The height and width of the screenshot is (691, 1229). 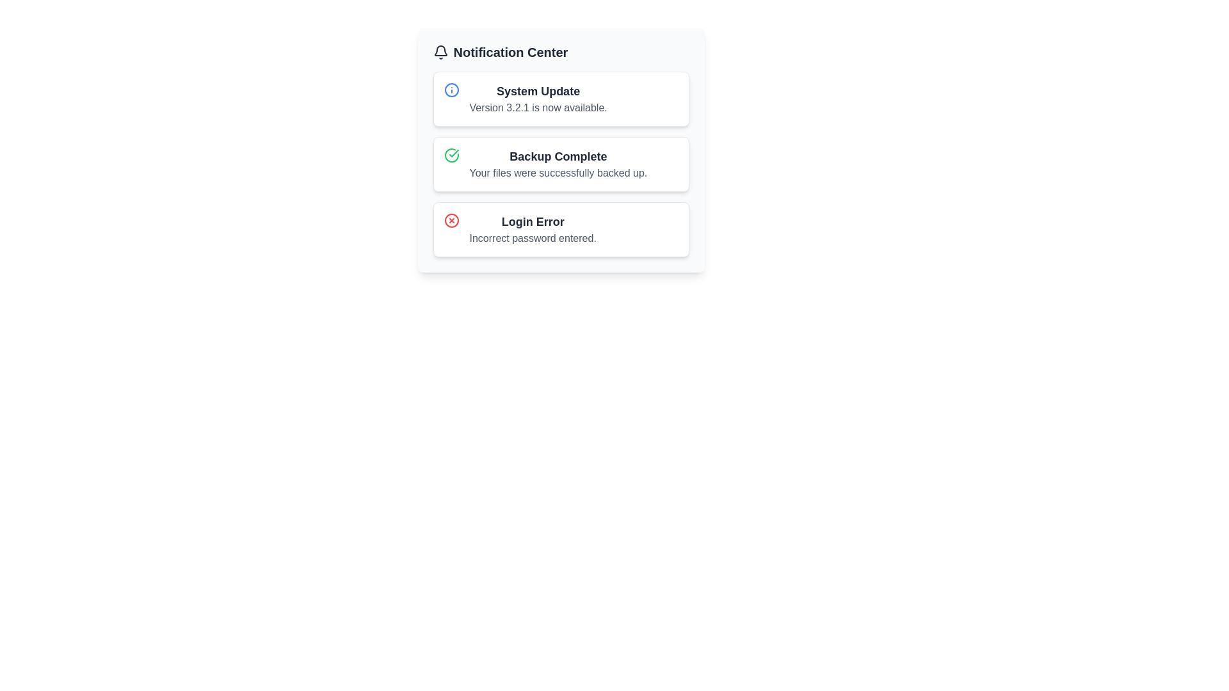 I want to click on the 'Backup Complete' status indicator icon located in the middle-right area of the third notification card, so click(x=454, y=152).